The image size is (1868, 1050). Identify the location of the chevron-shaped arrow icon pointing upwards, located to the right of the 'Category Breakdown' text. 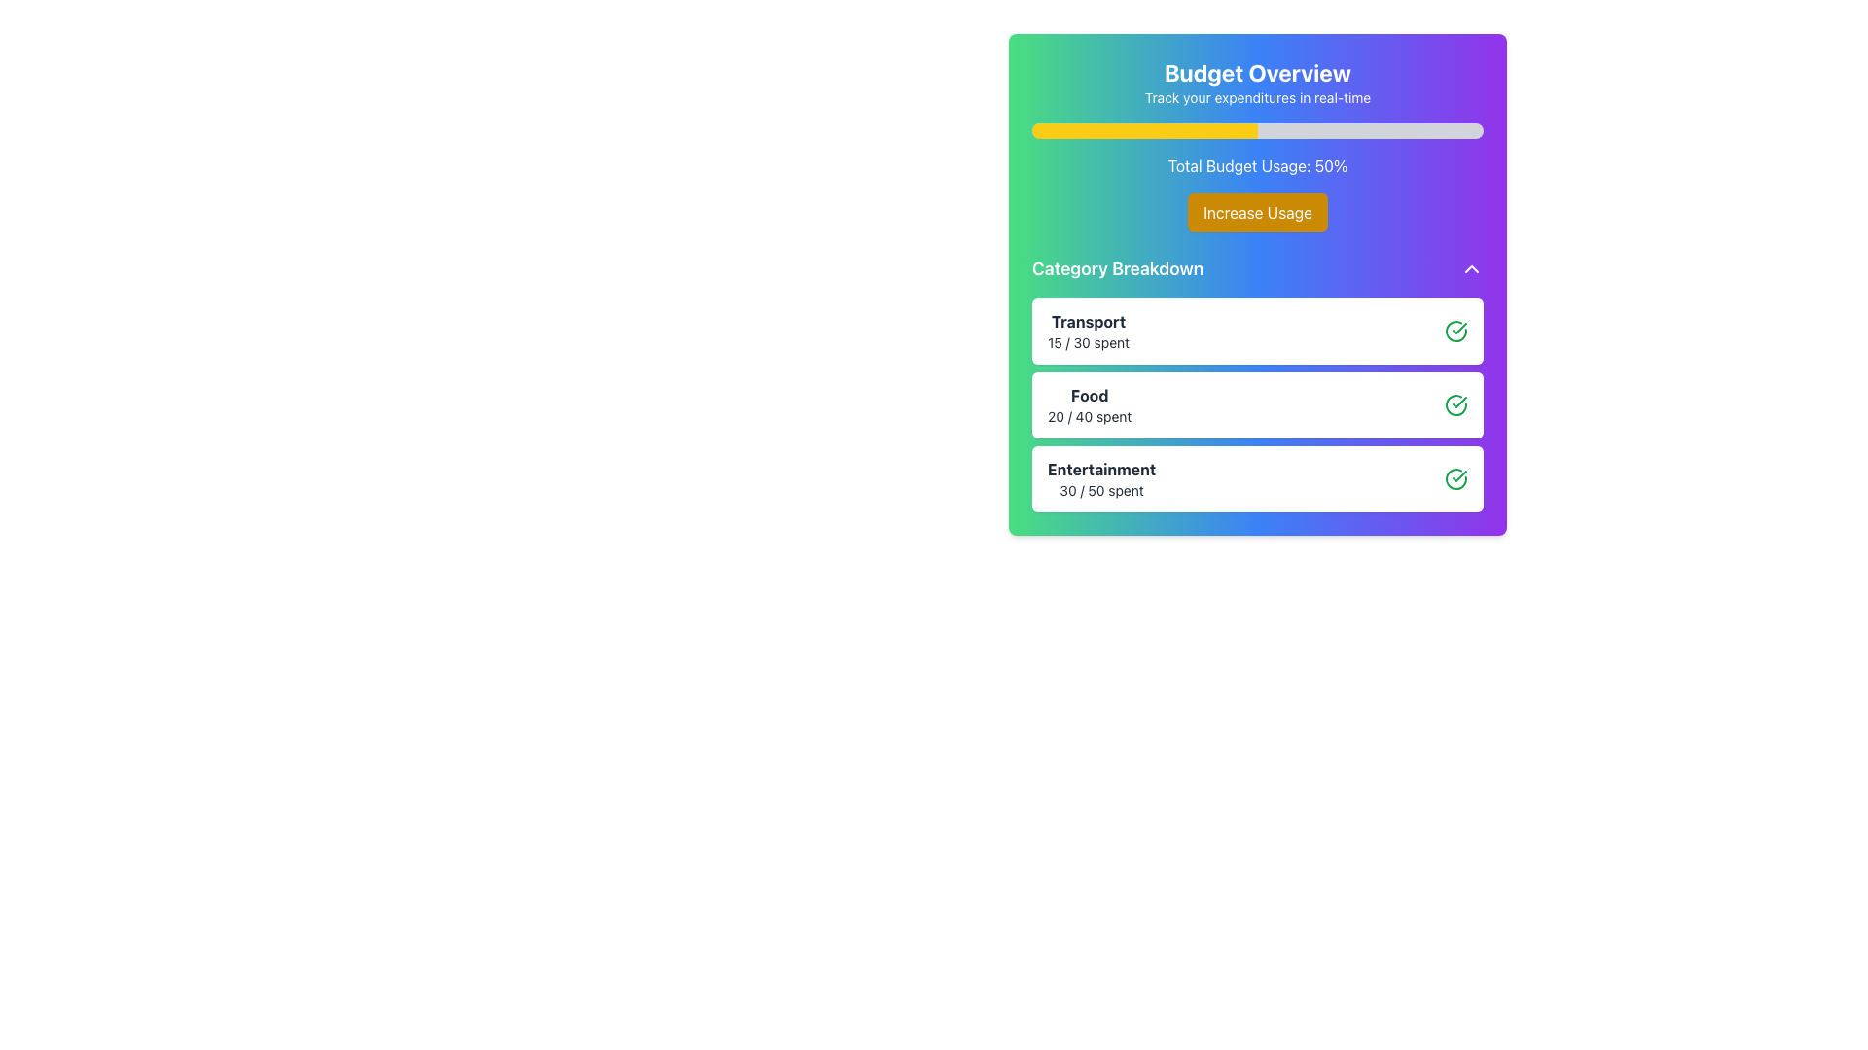
(1471, 269).